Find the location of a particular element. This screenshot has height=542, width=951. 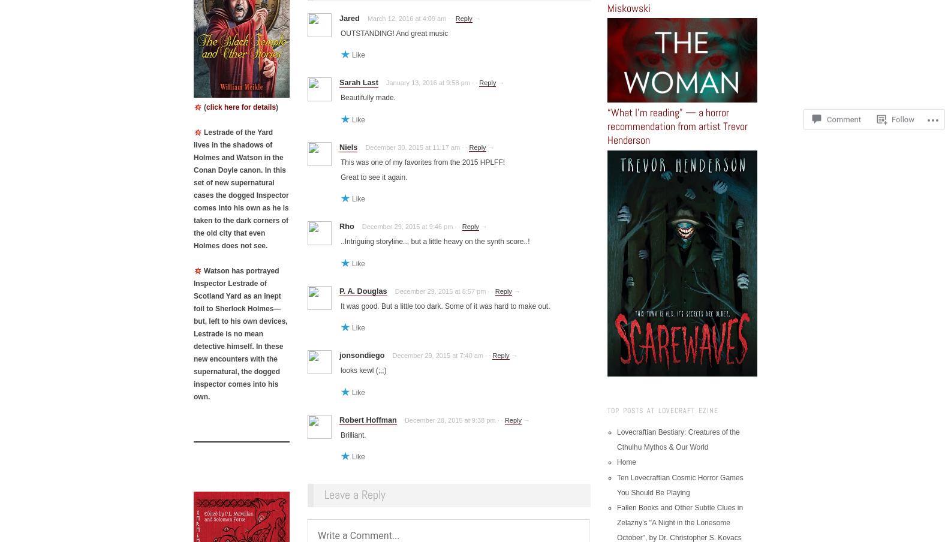

'Robert Hoffman' is located at coordinates (367, 418).